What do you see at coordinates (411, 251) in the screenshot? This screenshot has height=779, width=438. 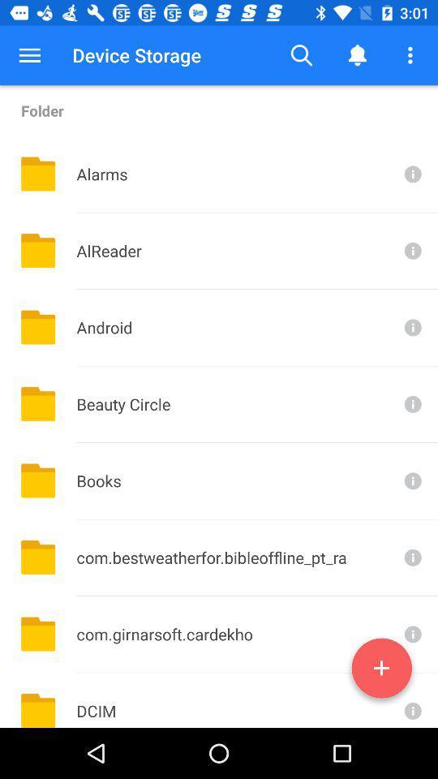 I see `see information` at bounding box center [411, 251].